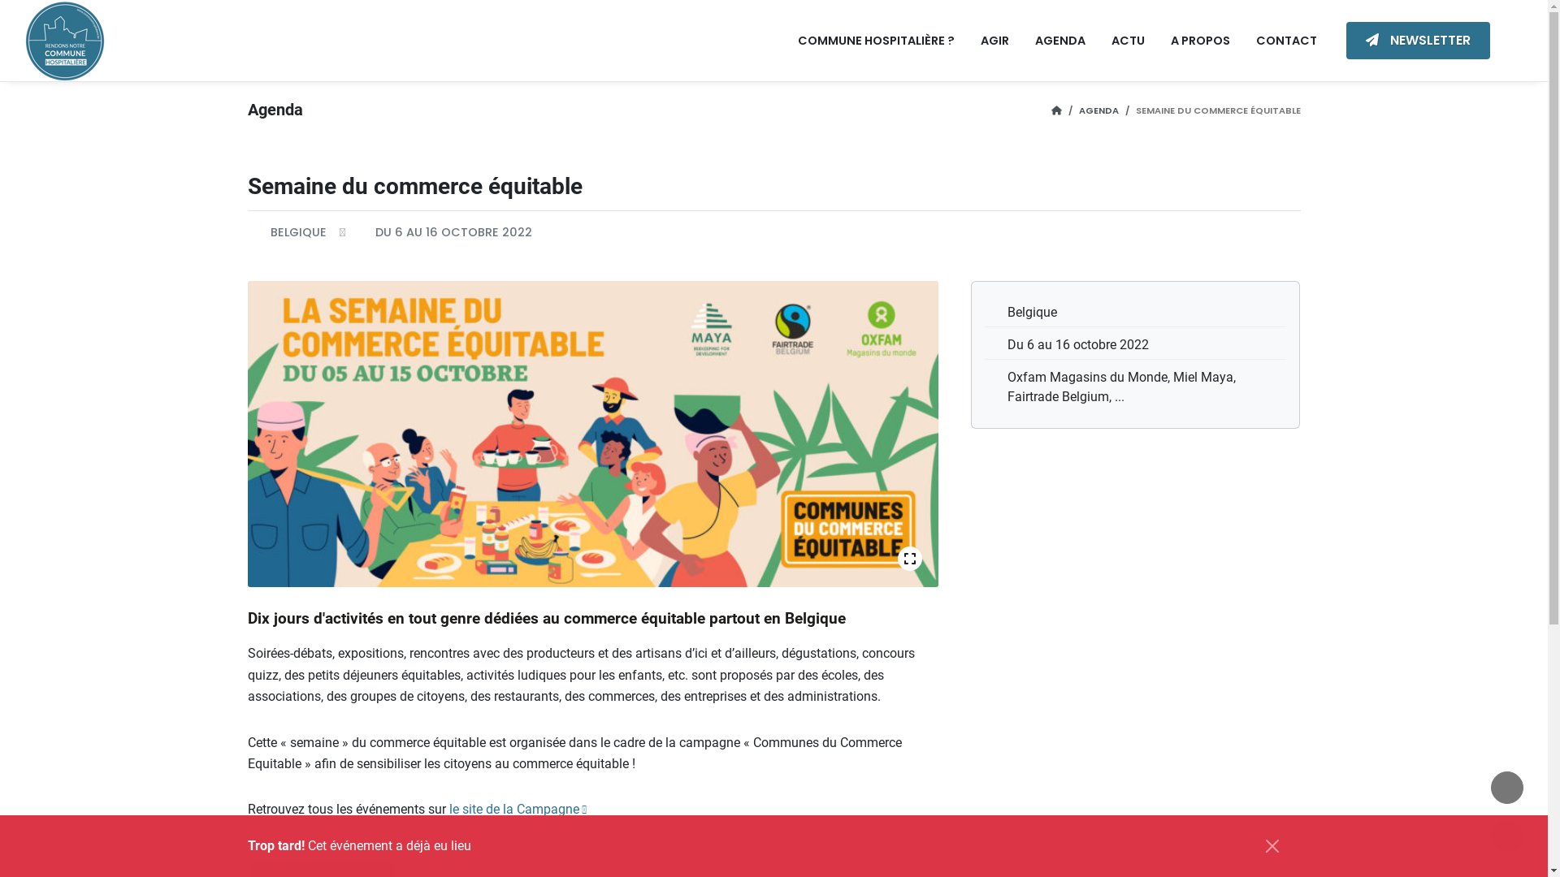 The width and height of the screenshot is (1560, 877). What do you see at coordinates (1417, 40) in the screenshot?
I see `'NEWSLETTER'` at bounding box center [1417, 40].